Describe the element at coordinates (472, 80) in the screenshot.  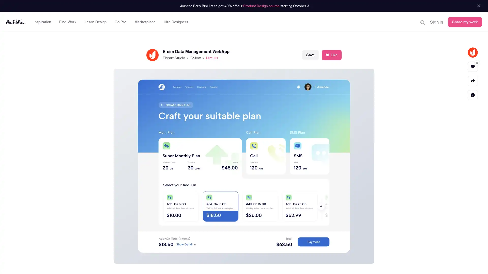
I see `Share actions` at that location.